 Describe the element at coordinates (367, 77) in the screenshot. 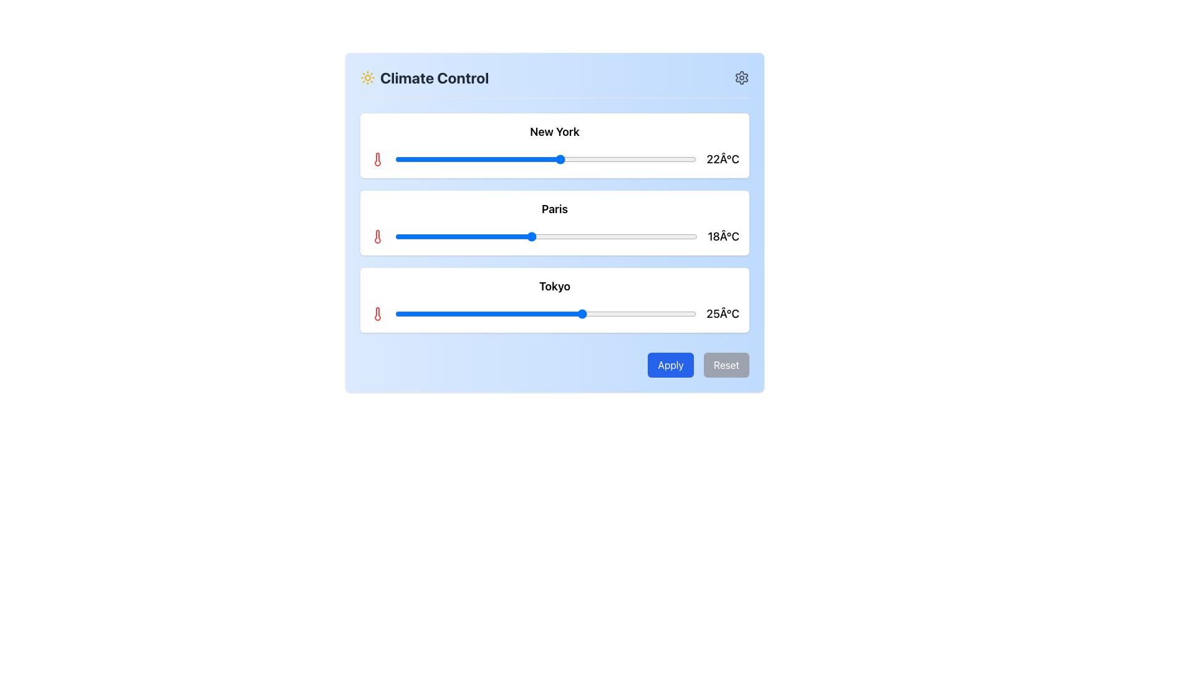

I see `the sun icon, which is the left-most item in the Climate Control section, visually represented by a circular center with radiating lines and styled with a yellow stroke color` at that location.